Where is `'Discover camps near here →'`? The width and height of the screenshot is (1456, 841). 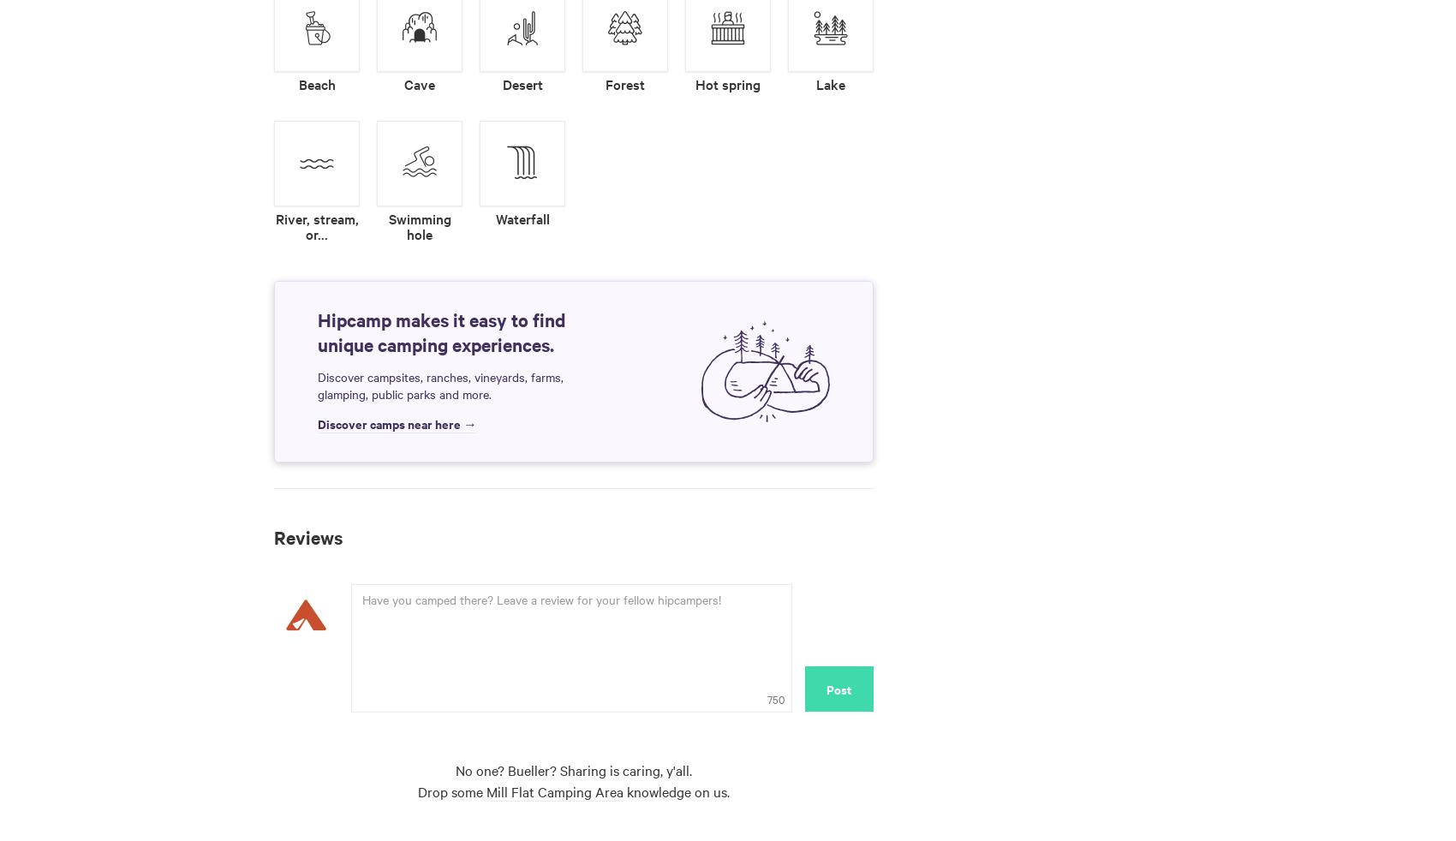
'Discover camps near here →' is located at coordinates (397, 421).